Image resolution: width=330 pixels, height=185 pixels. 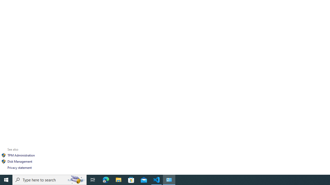 I want to click on 'Icon', so click(x=4, y=161).